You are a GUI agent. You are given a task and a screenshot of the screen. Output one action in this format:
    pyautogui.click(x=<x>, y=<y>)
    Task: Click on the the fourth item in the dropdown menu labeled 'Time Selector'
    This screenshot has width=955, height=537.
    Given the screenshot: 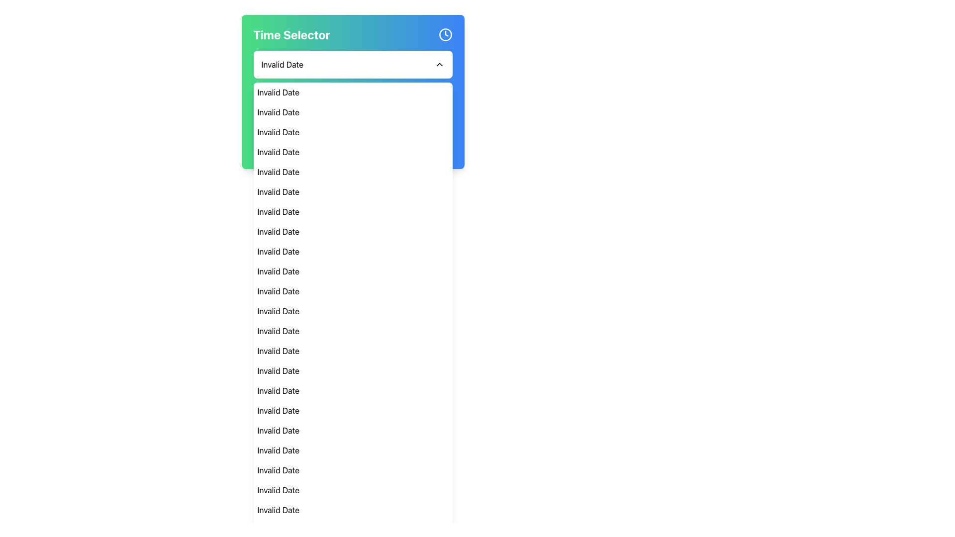 What is the action you would take?
    pyautogui.click(x=353, y=152)
    